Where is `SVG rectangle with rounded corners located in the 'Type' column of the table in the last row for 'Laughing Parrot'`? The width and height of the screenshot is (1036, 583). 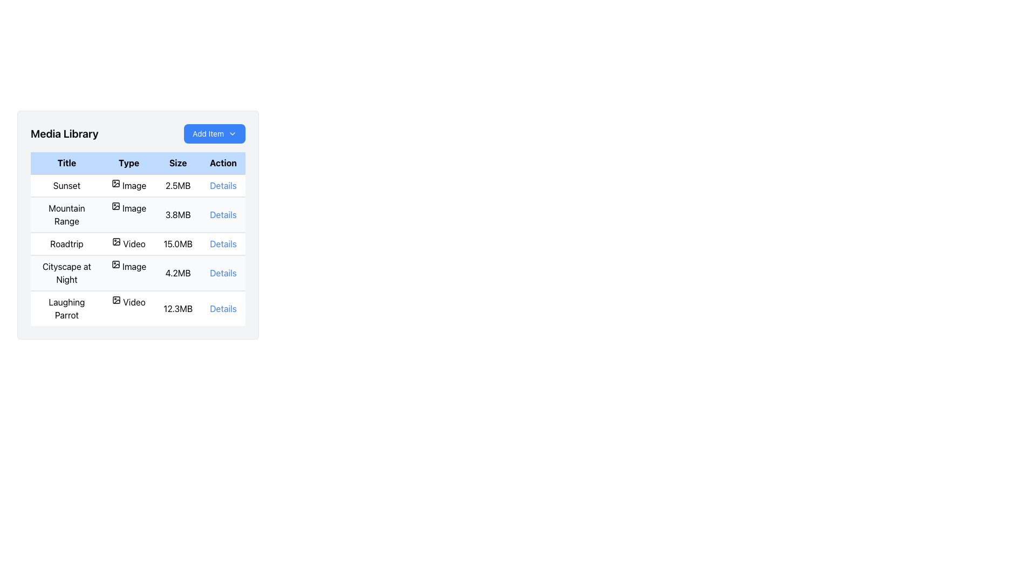 SVG rectangle with rounded corners located in the 'Type' column of the table in the last row for 'Laughing Parrot' is located at coordinates (117, 300).